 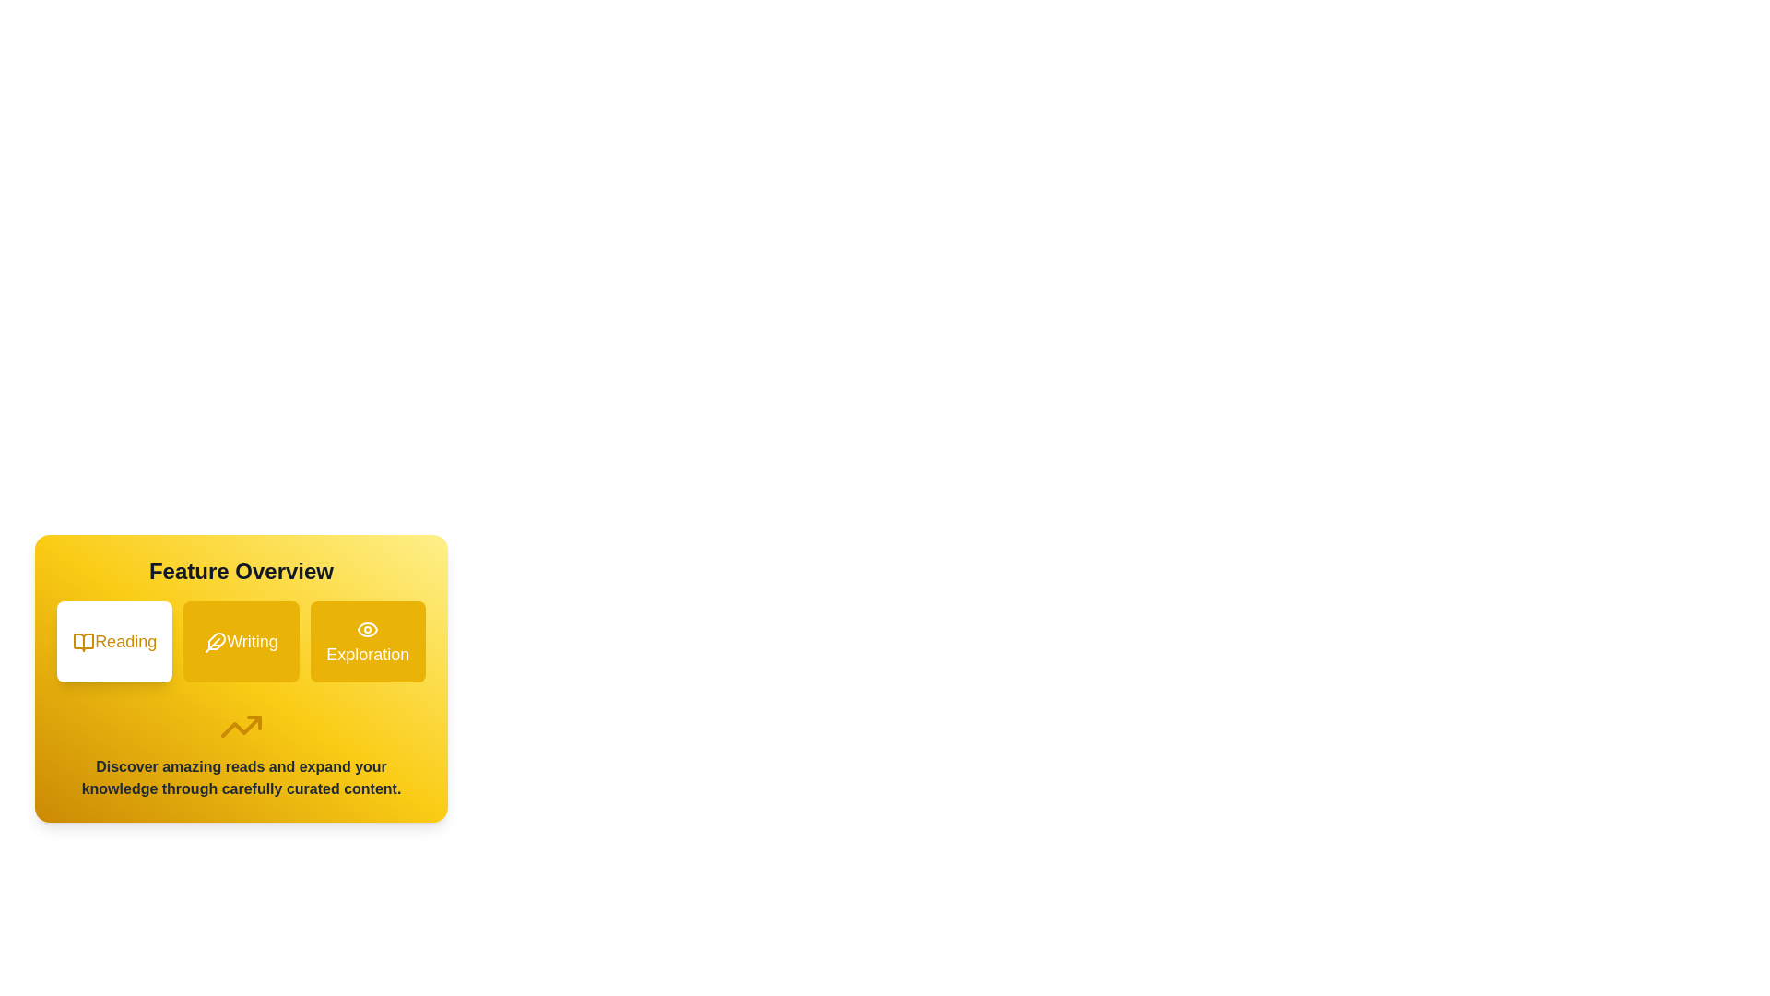 I want to click on the 'Reading' icon, so click(x=83, y=642).